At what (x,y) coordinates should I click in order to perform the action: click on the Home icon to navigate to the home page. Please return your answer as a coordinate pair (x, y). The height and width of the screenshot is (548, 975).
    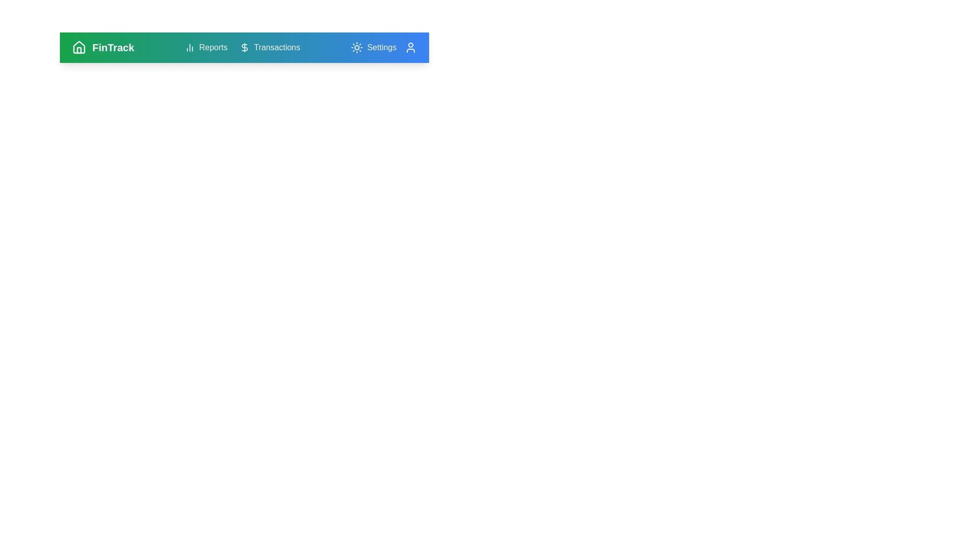
    Looking at the image, I should click on (79, 47).